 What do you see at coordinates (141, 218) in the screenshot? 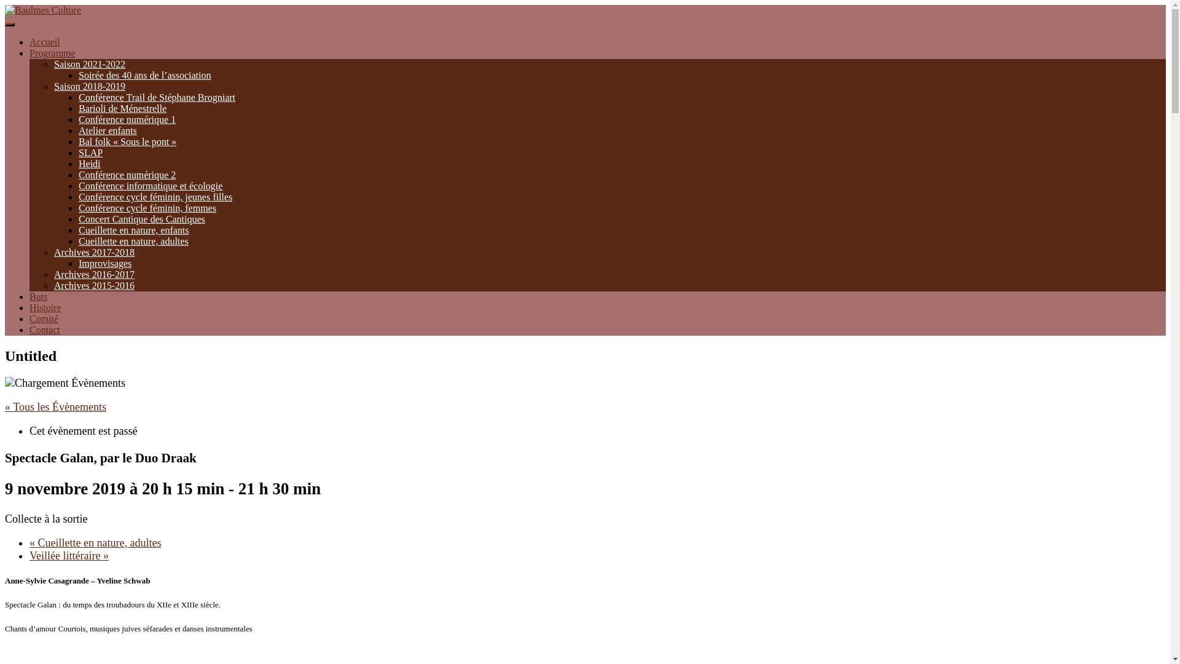
I see `'Concert Cantique des Cantiques'` at bounding box center [141, 218].